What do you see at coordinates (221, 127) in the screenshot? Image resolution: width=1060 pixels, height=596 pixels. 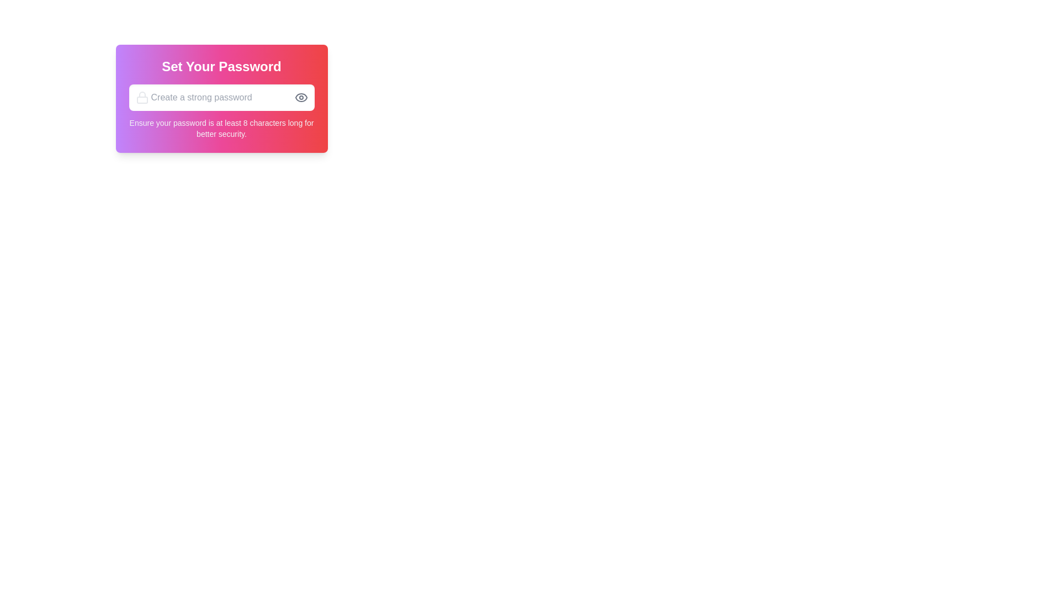 I see `the informational text element that instructs the user that the password should be at least 8 characters long, located below the 'Set Your Password' title in a gradient card` at bounding box center [221, 127].